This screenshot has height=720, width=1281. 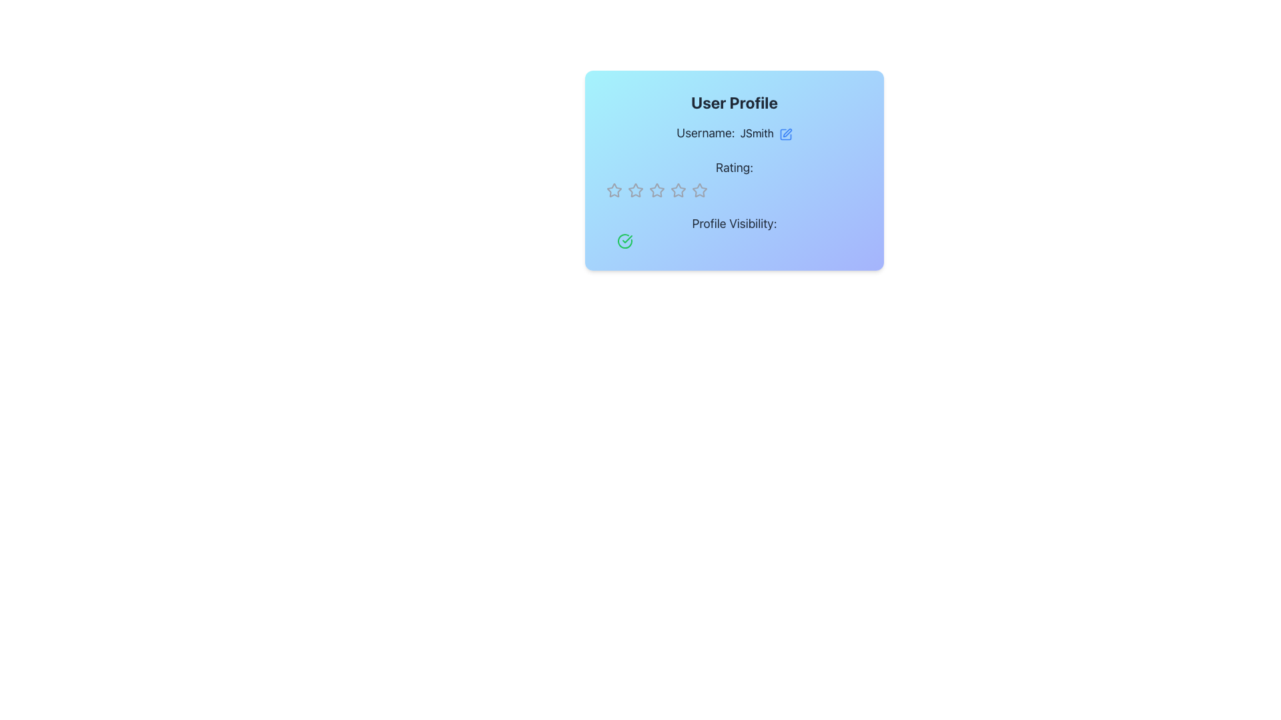 I want to click on the edit icon located next to the username 'JSmith' in the user profile box, so click(x=785, y=134).